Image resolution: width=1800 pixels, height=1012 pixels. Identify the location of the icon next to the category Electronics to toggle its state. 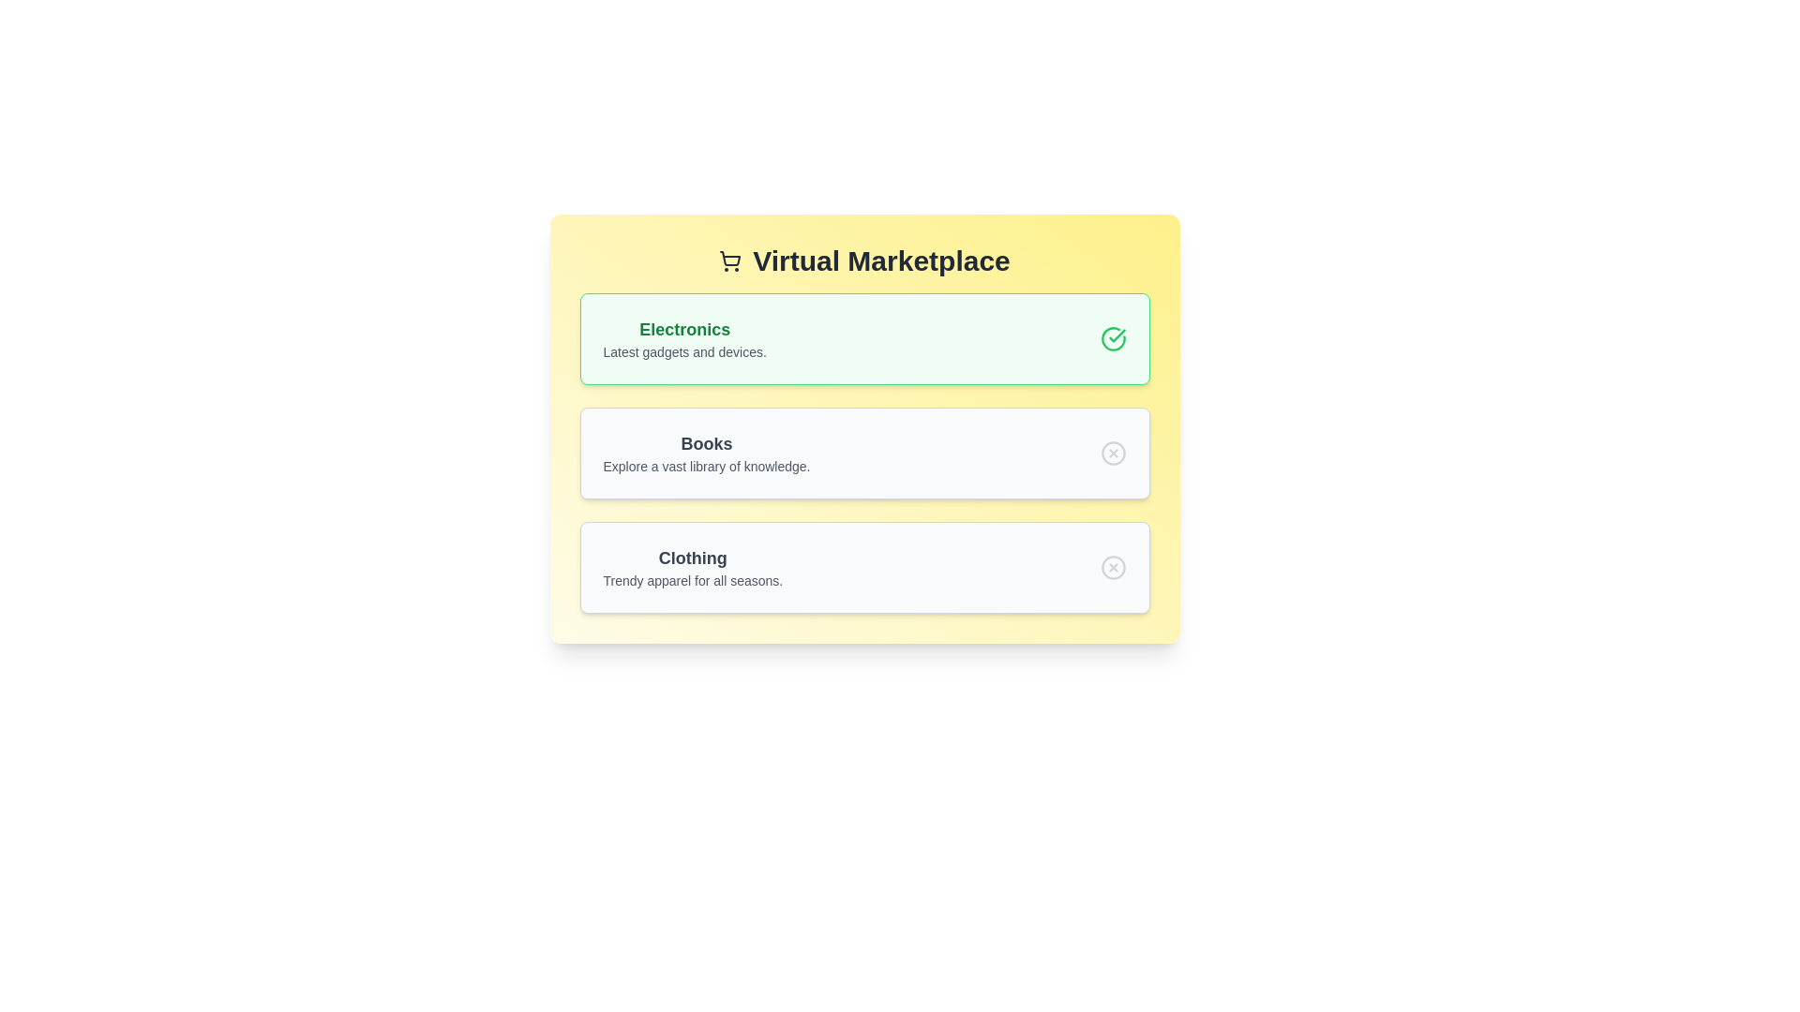
(1113, 339).